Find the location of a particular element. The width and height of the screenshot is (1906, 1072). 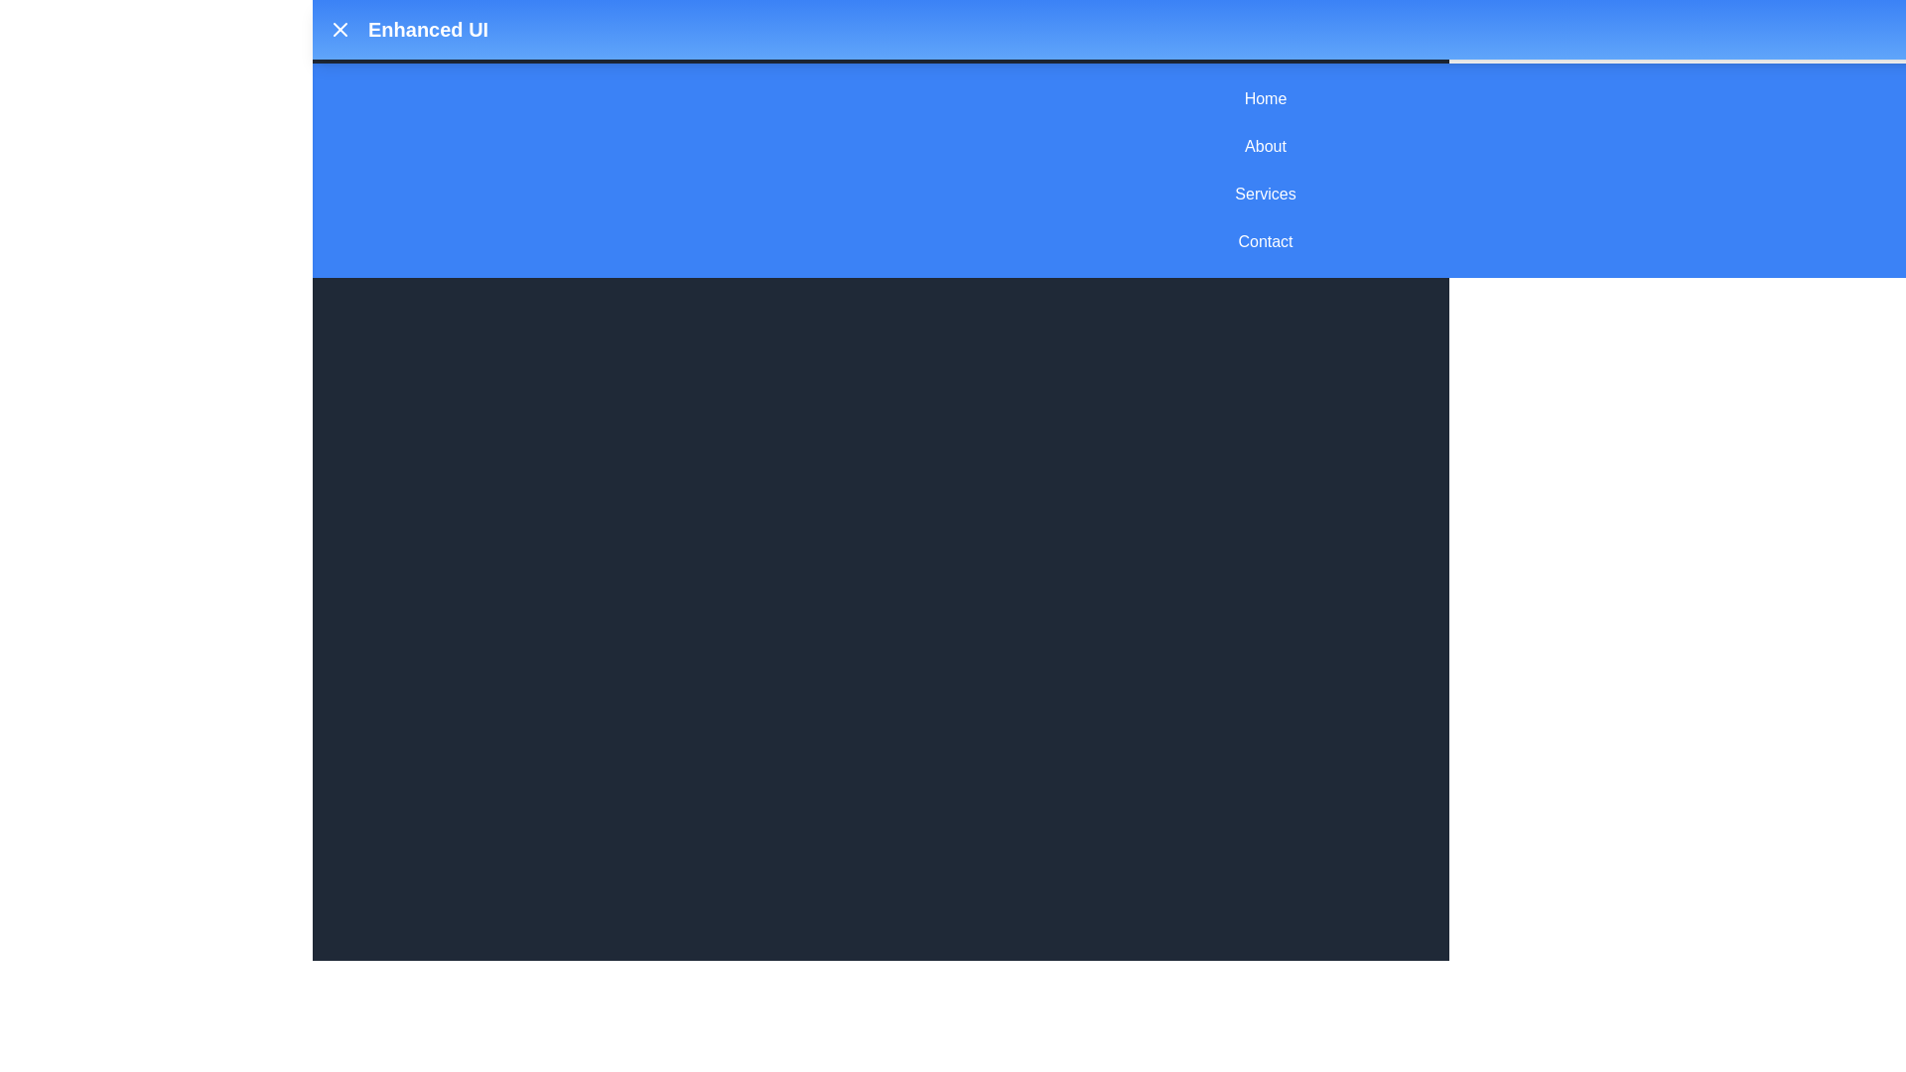

the menu item Contact is located at coordinates (1265, 240).